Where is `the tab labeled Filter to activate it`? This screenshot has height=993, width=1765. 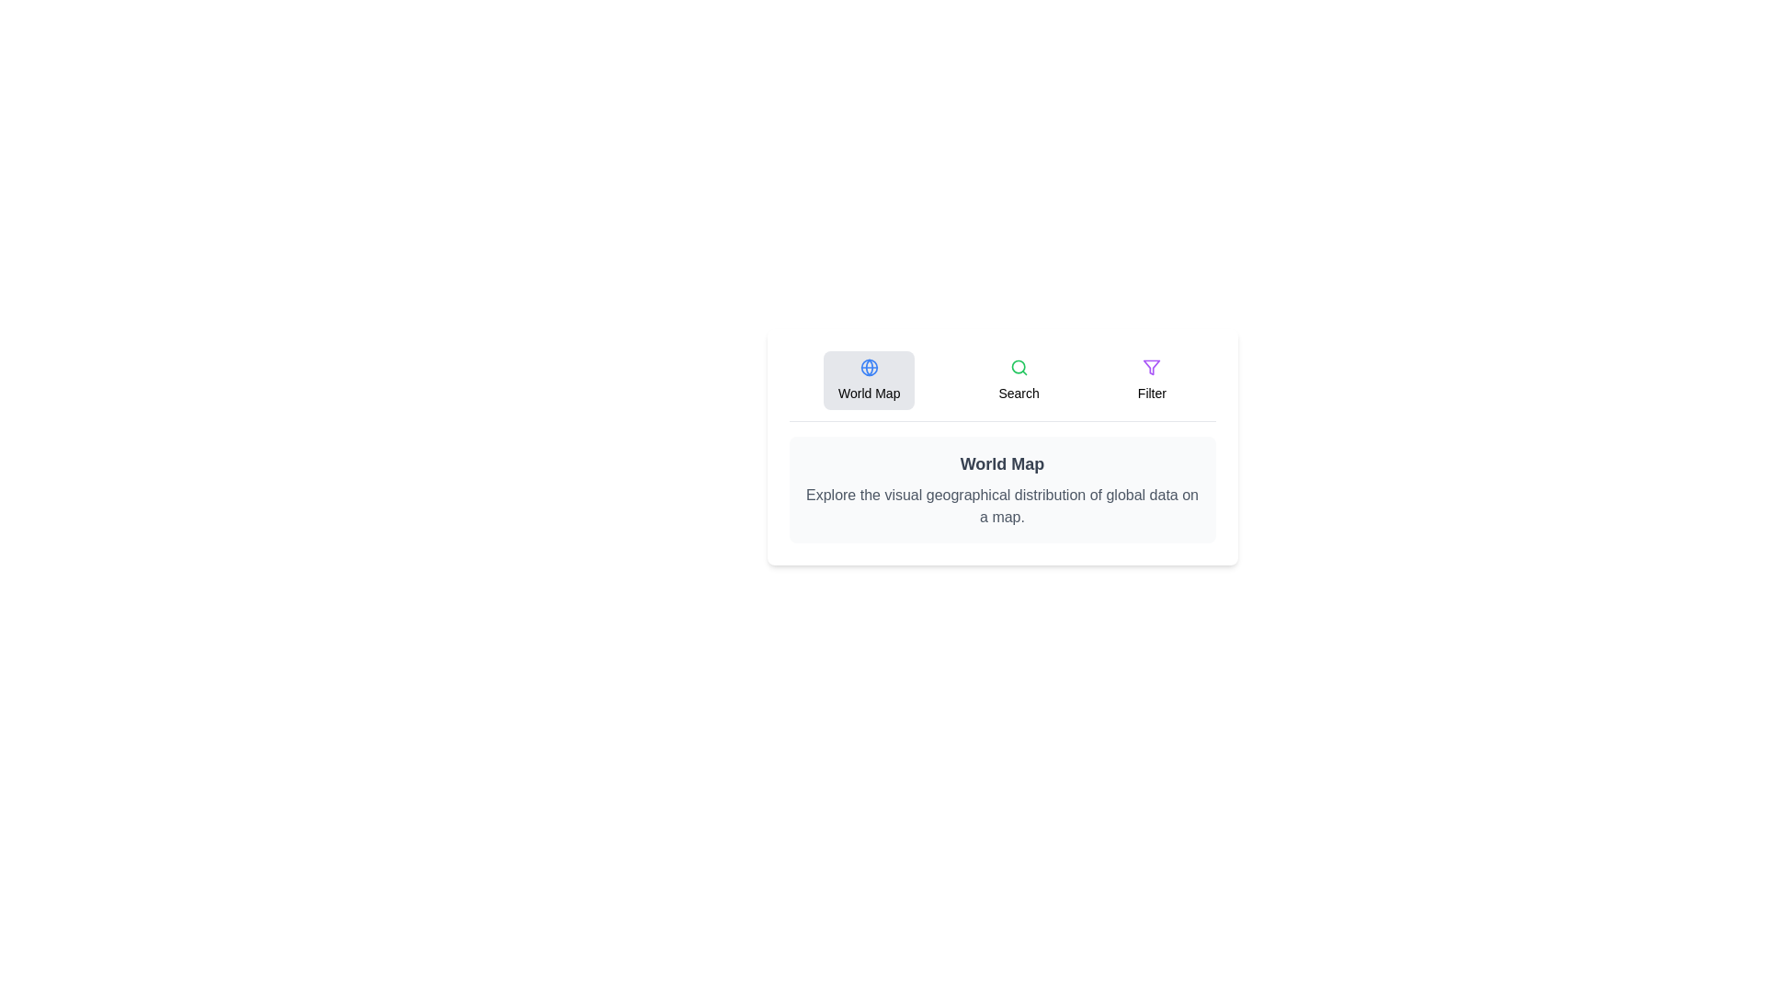
the tab labeled Filter to activate it is located at coordinates (1151, 379).